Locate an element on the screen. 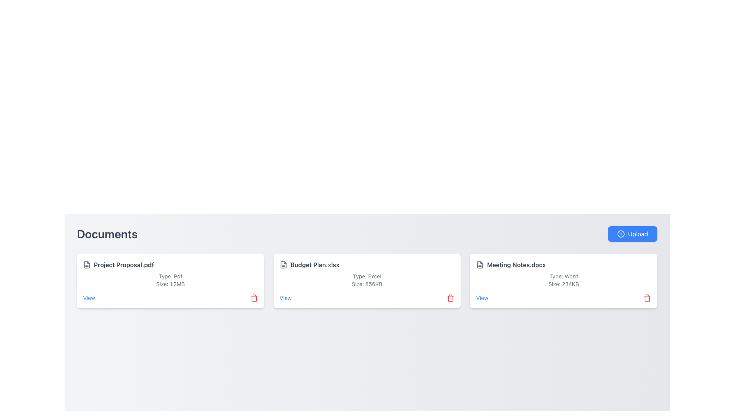 The width and height of the screenshot is (742, 417). the 'View' link located in the bottom-left corner of the card for 'Project Proposal.pdf' is located at coordinates (89, 297).